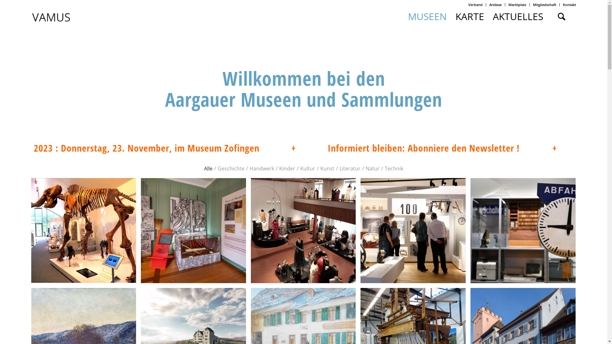 The height and width of the screenshot is (344, 612). Describe the element at coordinates (320, 160) in the screenshot. I see `'Kunst'` at that location.